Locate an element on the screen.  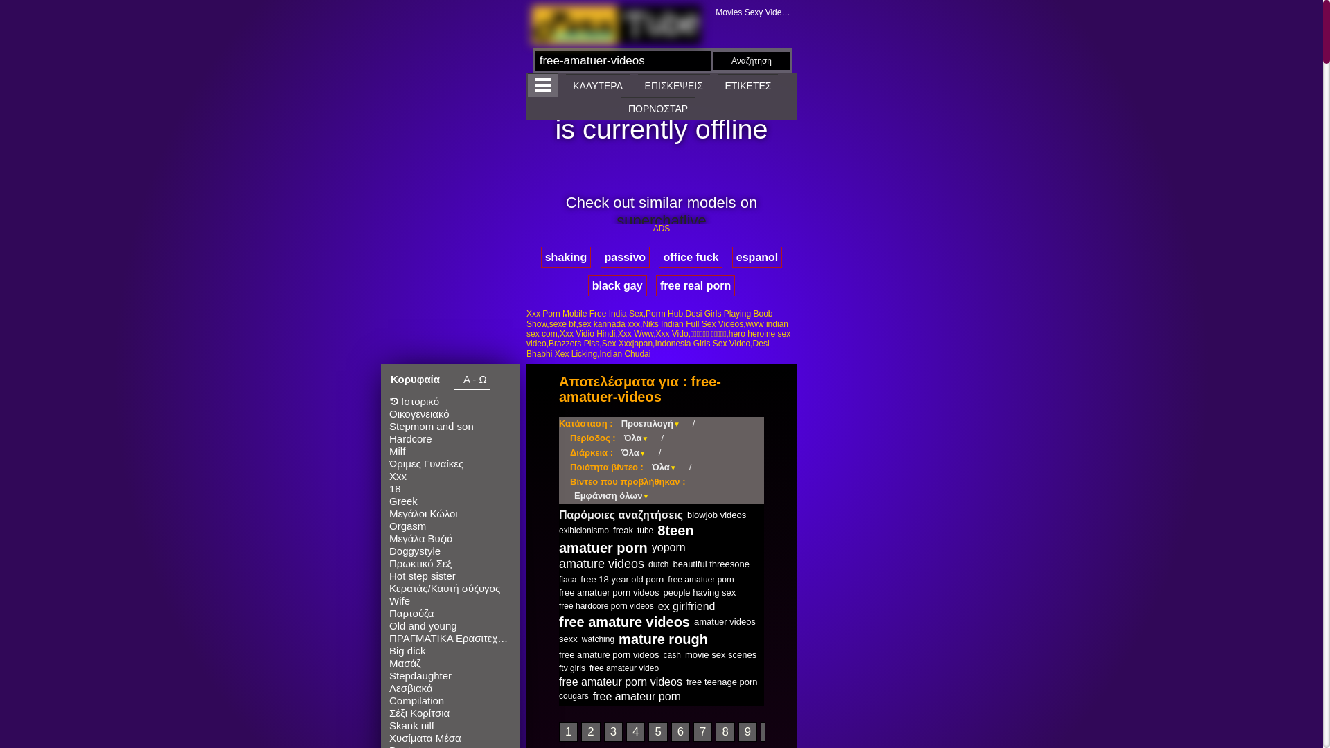
'3' is located at coordinates (612, 731).